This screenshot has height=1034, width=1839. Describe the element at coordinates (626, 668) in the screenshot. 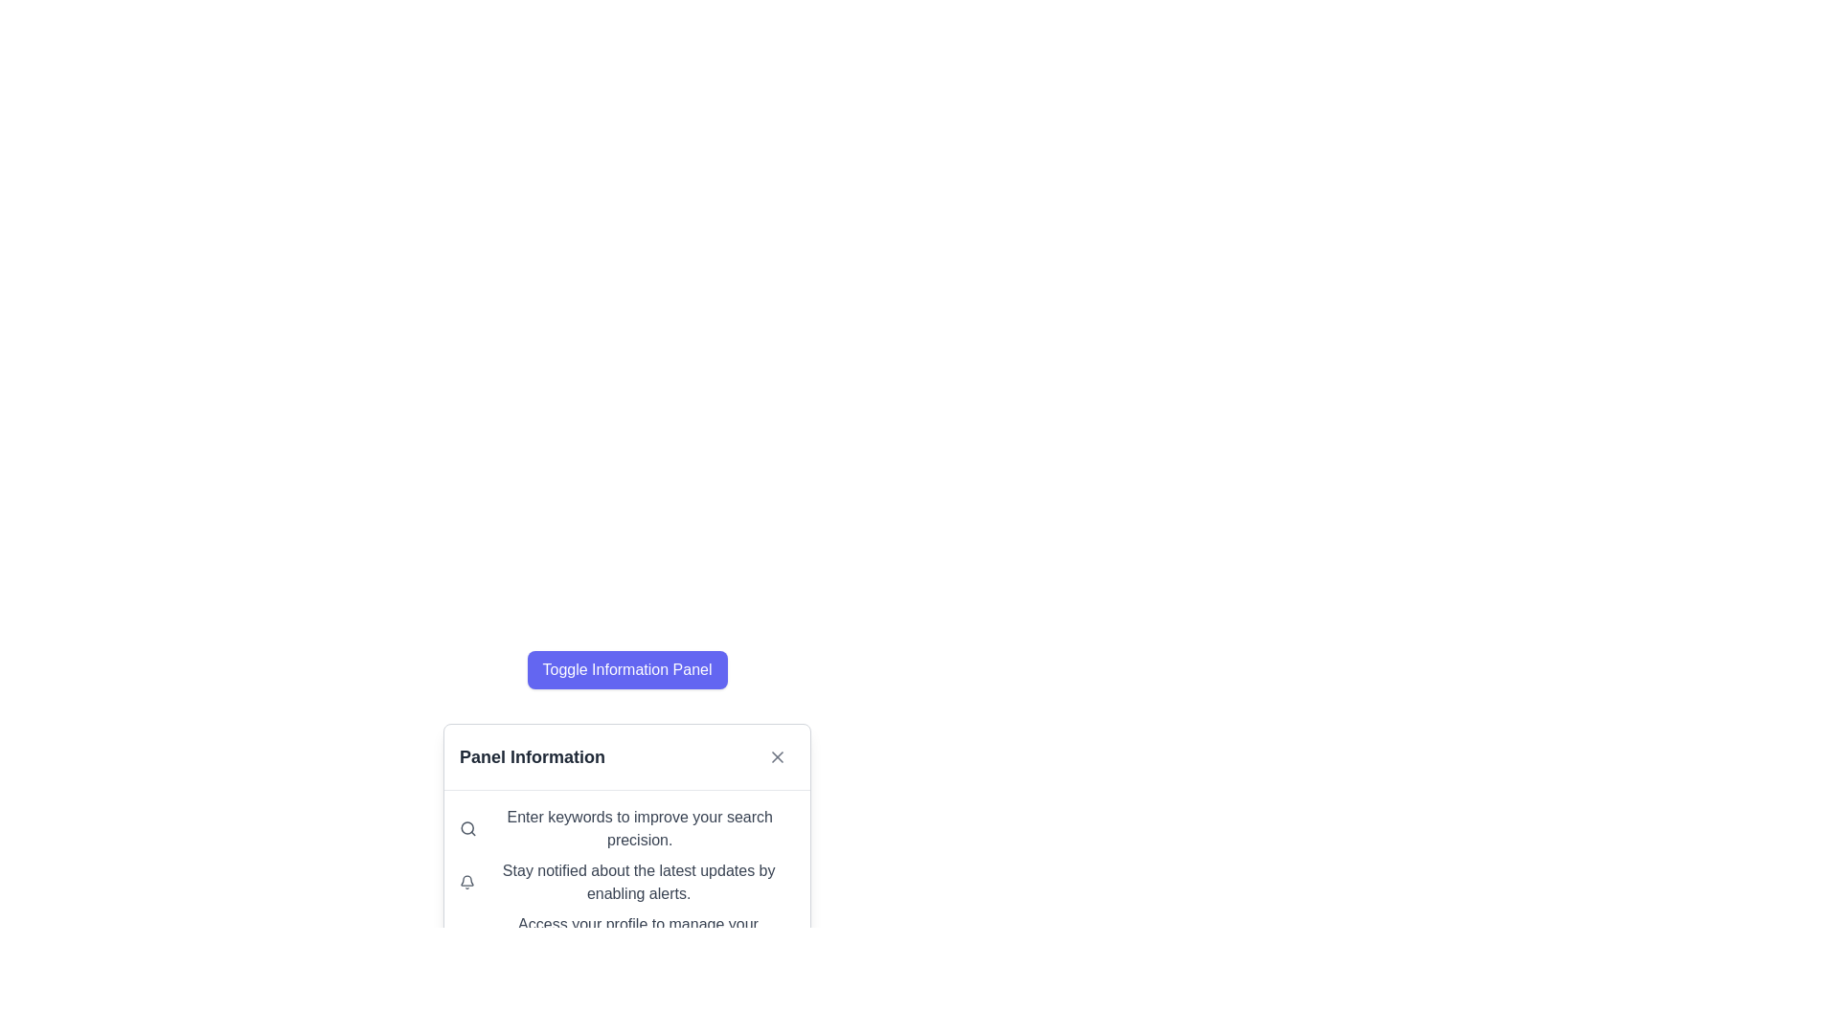

I see `the rounded rectangular button labeled 'Toggle Information Panel' with a white text on a blue background` at that location.